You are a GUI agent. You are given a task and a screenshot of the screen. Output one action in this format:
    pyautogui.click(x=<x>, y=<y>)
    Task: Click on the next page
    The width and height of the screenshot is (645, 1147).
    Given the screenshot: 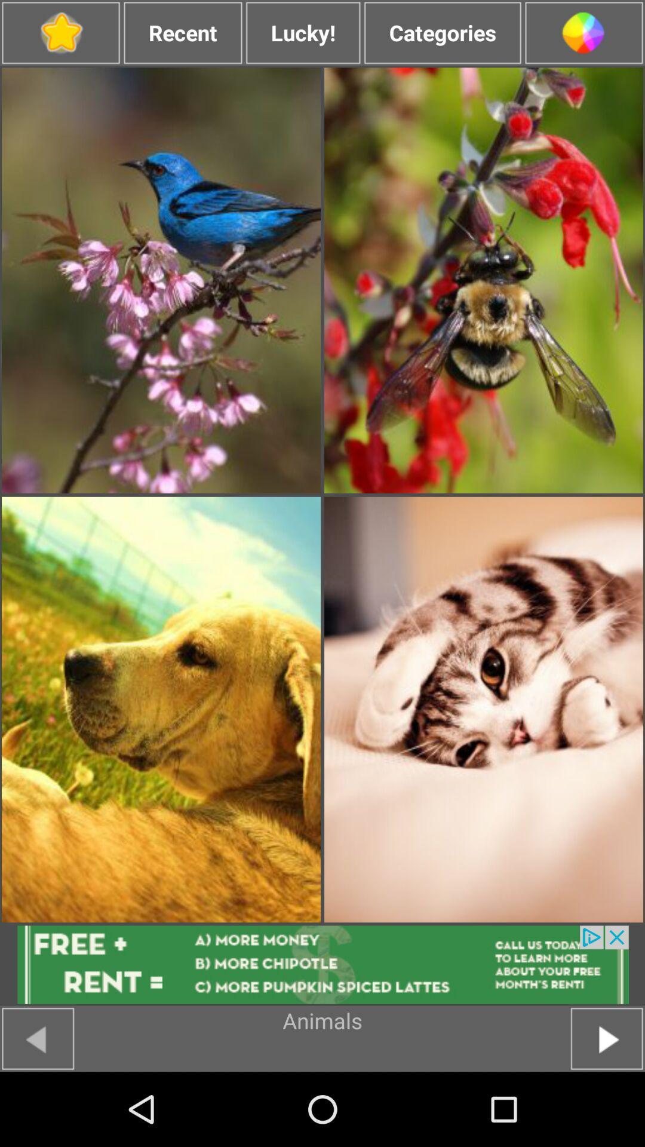 What is the action you would take?
    pyautogui.click(x=607, y=1038)
    